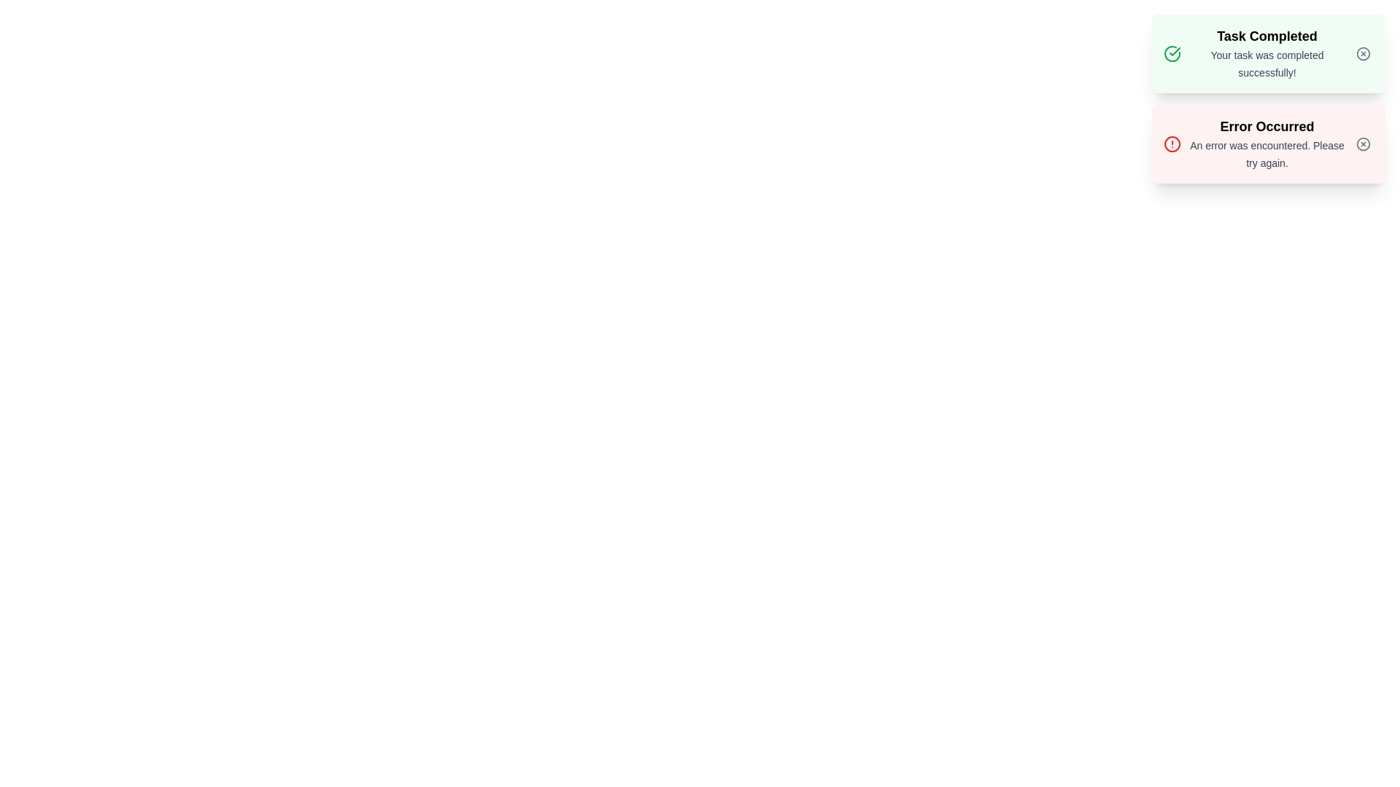  What do you see at coordinates (1363, 52) in the screenshot?
I see `the dismissal or close icon button located at the top right corner of the completion status card` at bounding box center [1363, 52].